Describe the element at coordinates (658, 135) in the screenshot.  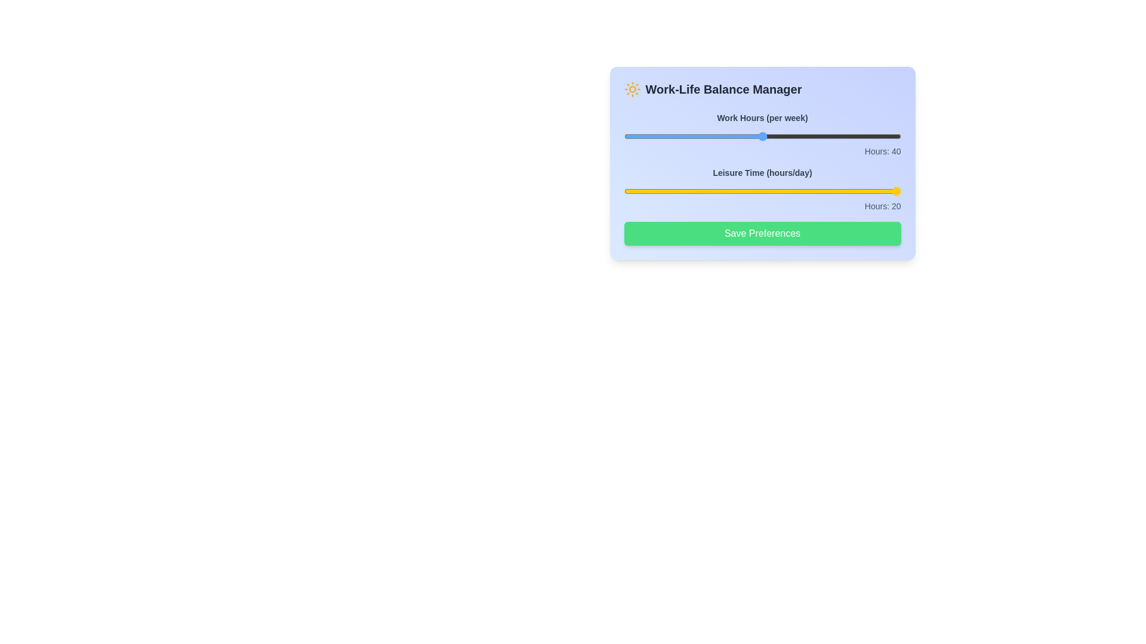
I see `the 'Work Hours' slider to set it to 25 hours per week` at that location.